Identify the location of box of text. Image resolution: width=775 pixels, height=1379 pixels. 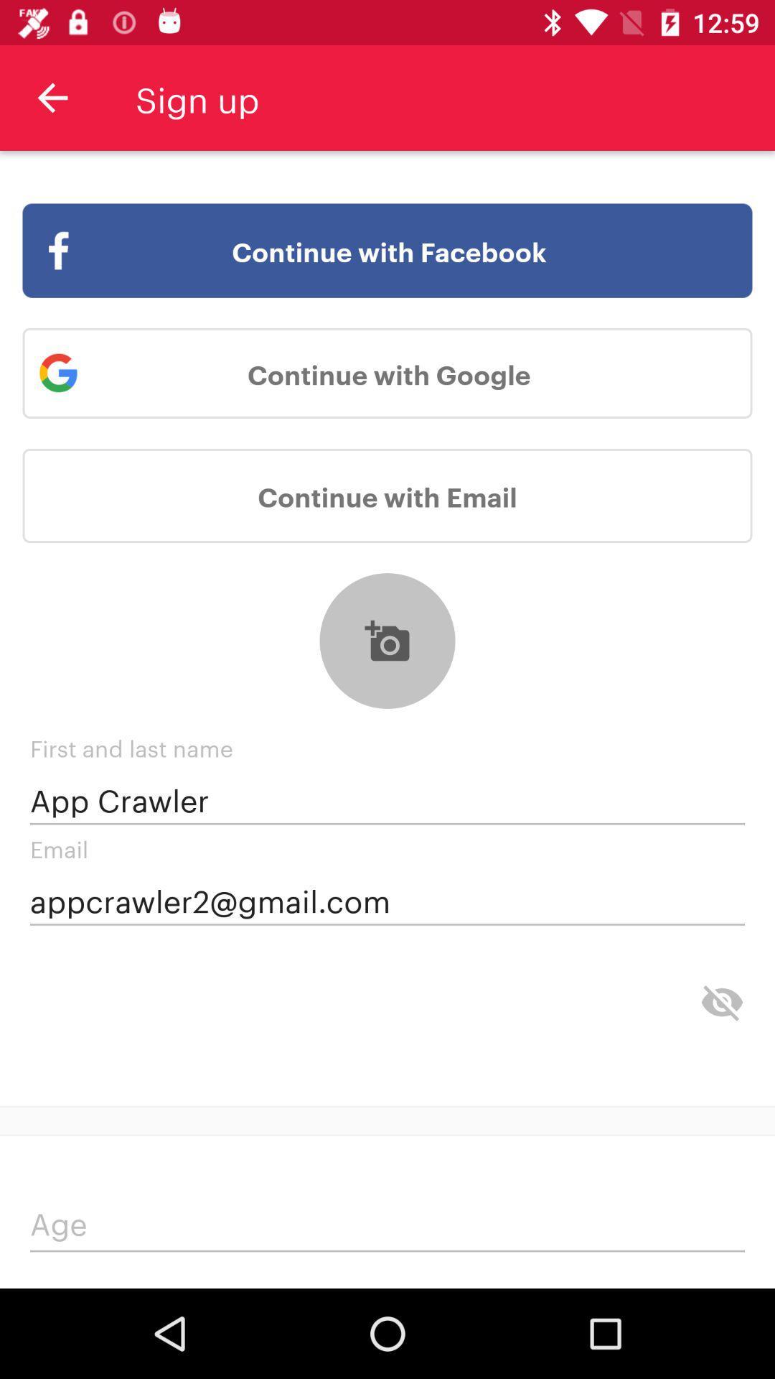
(387, 1226).